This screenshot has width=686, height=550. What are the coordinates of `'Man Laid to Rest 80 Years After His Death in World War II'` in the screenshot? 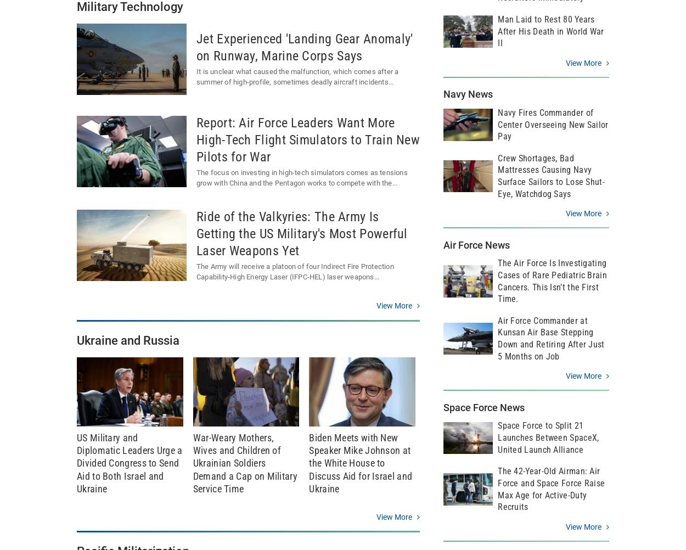 It's located at (550, 31).